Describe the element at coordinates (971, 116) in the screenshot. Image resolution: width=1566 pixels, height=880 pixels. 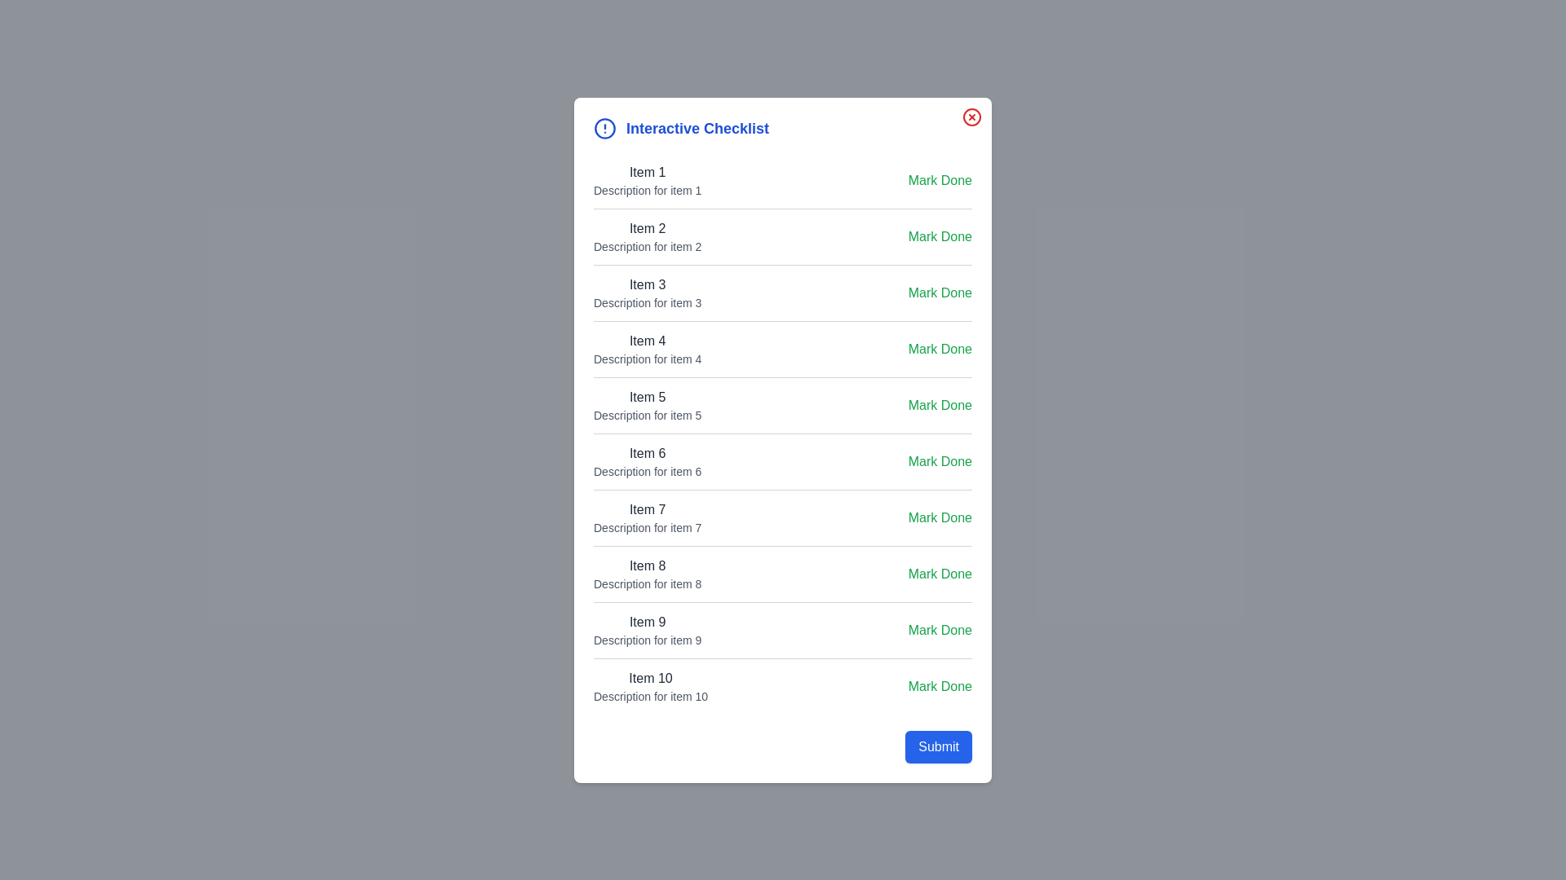
I see `the close button at the top-right corner of the dialog` at that location.